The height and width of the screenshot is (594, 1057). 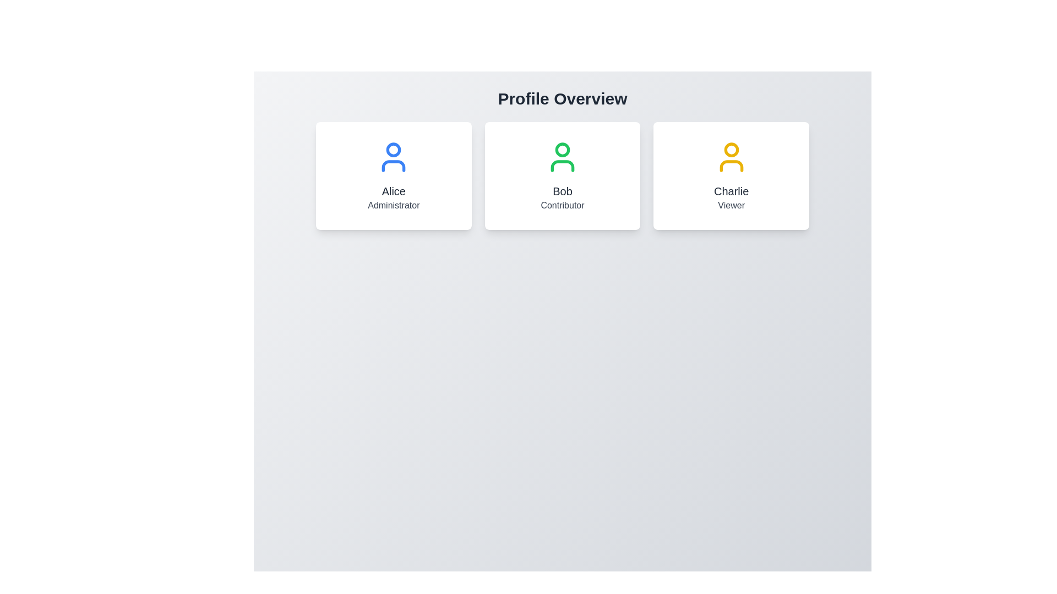 What do you see at coordinates (394, 206) in the screenshot?
I see `the 'Administrator' text label located below the name 'Alice' within the user card layout` at bounding box center [394, 206].